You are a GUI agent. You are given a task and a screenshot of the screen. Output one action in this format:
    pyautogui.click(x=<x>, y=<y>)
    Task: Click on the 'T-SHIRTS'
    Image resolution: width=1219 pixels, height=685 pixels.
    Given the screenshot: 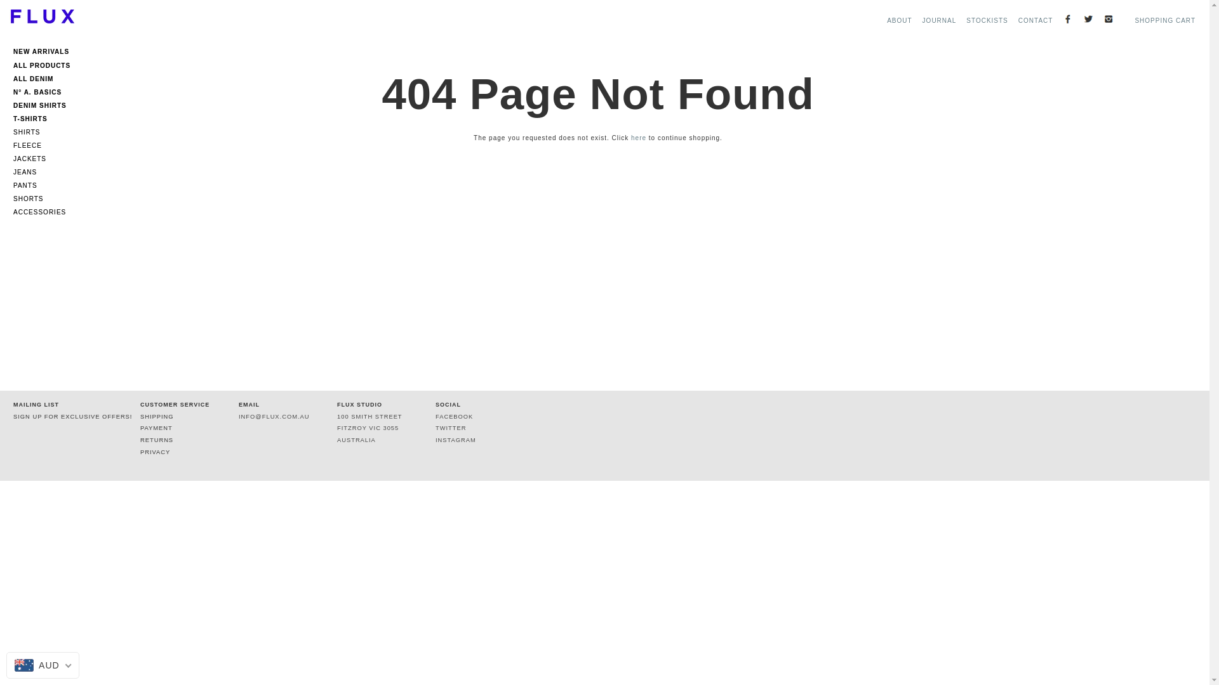 What is the action you would take?
    pyautogui.click(x=45, y=117)
    